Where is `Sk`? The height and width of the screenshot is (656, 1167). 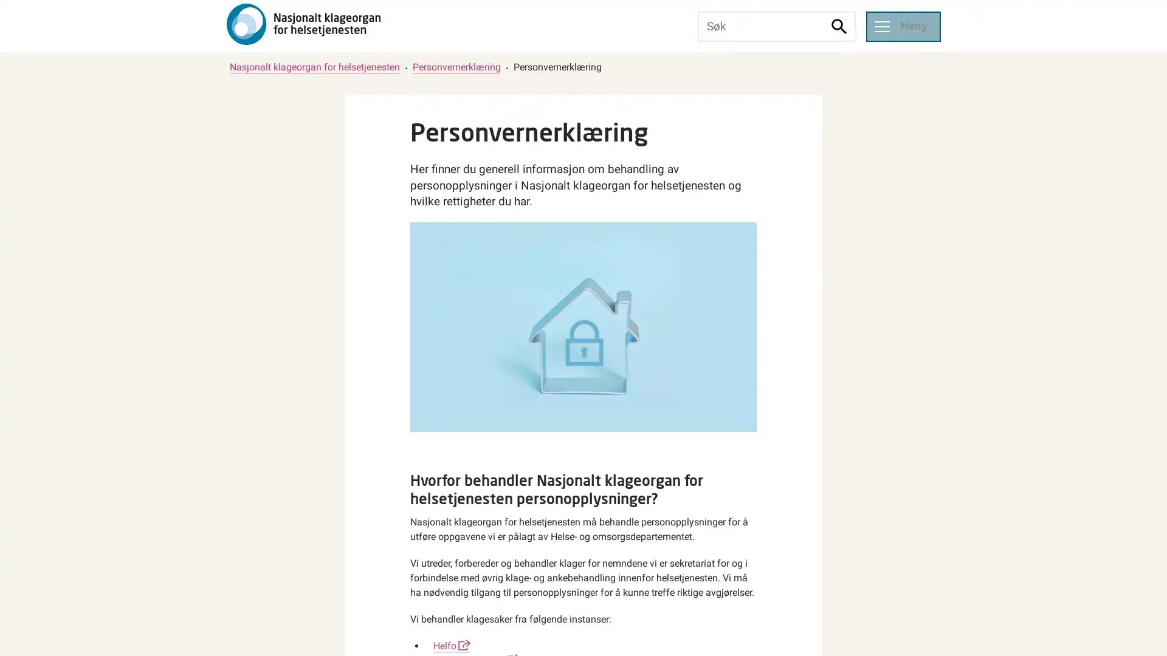
Sk is located at coordinates (839, 26).